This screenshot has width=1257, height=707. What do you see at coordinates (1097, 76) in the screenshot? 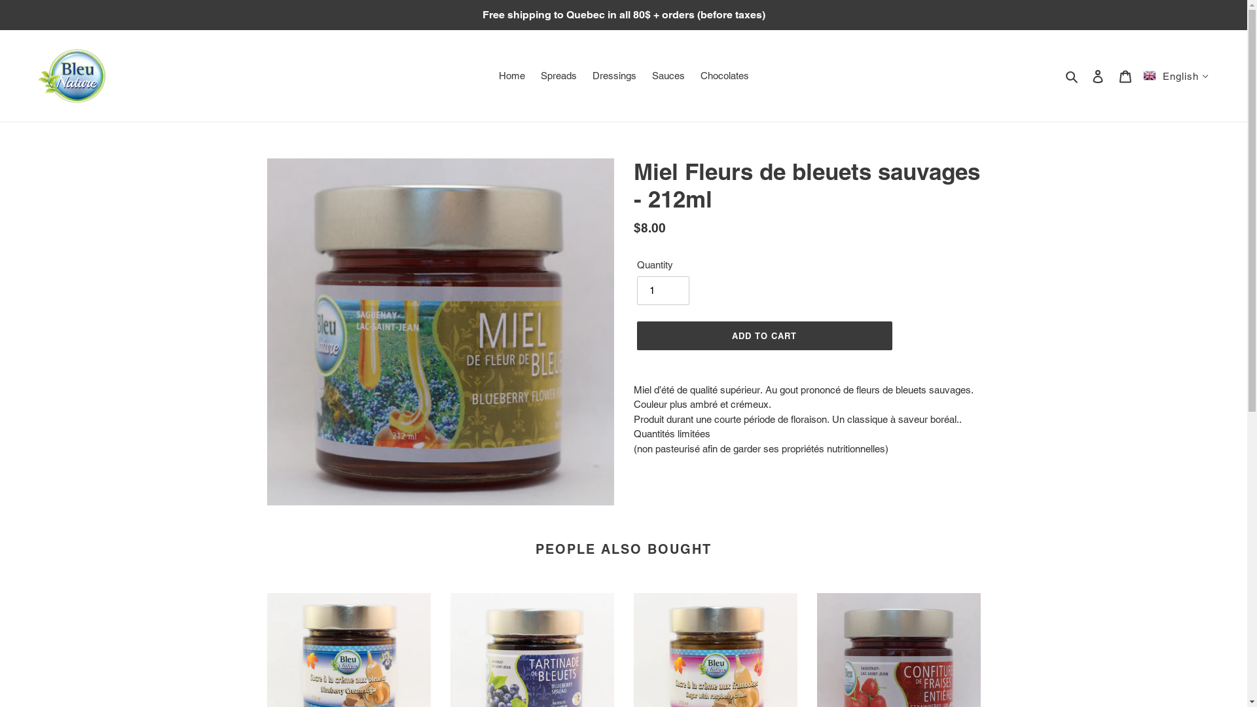
I see `'Log in'` at bounding box center [1097, 76].